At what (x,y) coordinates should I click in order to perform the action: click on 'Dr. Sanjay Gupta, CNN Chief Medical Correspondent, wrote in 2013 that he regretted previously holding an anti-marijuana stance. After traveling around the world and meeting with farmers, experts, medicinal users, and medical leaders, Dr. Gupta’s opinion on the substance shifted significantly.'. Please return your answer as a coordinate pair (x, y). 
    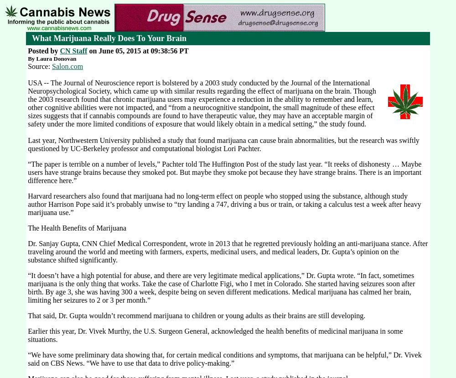
    Looking at the image, I should click on (227, 251).